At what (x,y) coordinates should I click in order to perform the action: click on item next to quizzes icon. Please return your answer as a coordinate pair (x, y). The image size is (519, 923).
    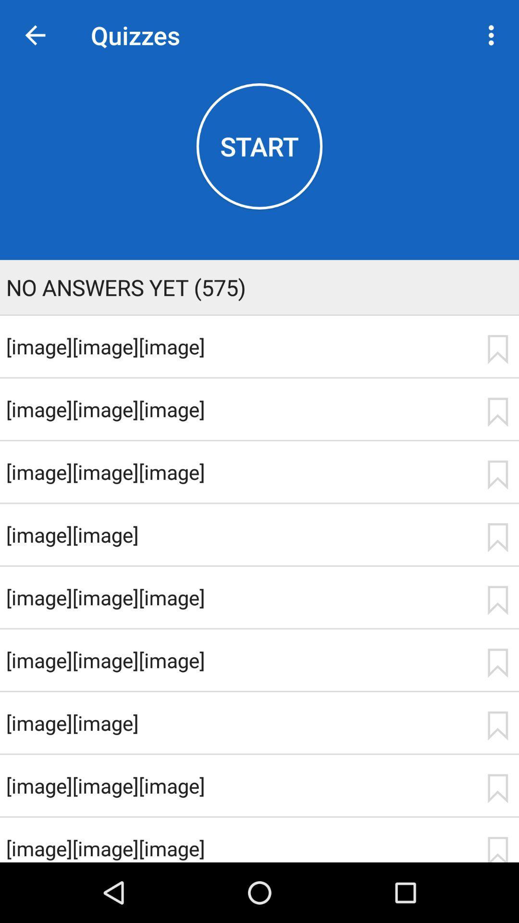
    Looking at the image, I should click on (35, 35).